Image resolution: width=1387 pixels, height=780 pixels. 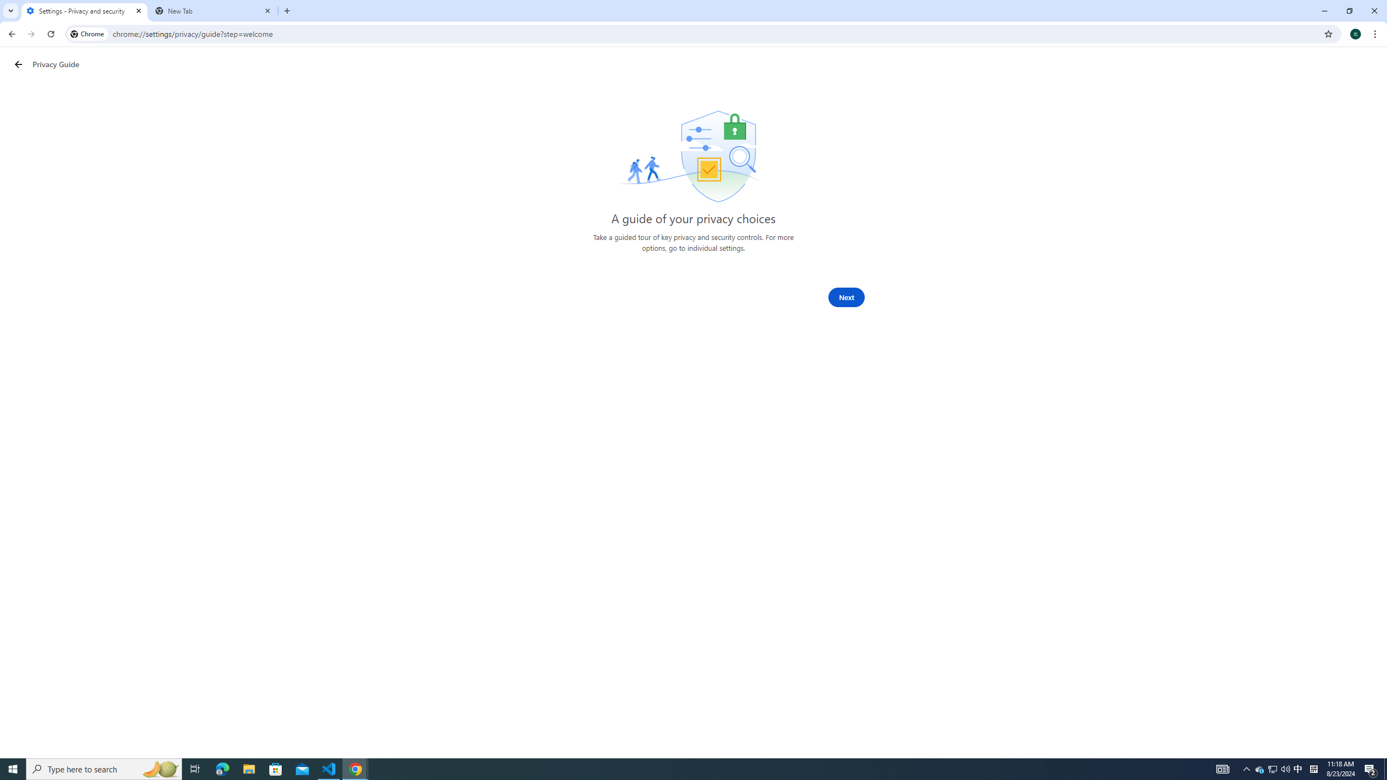 What do you see at coordinates (84, 10) in the screenshot?
I see `'Settings - Privacy and security'` at bounding box center [84, 10].